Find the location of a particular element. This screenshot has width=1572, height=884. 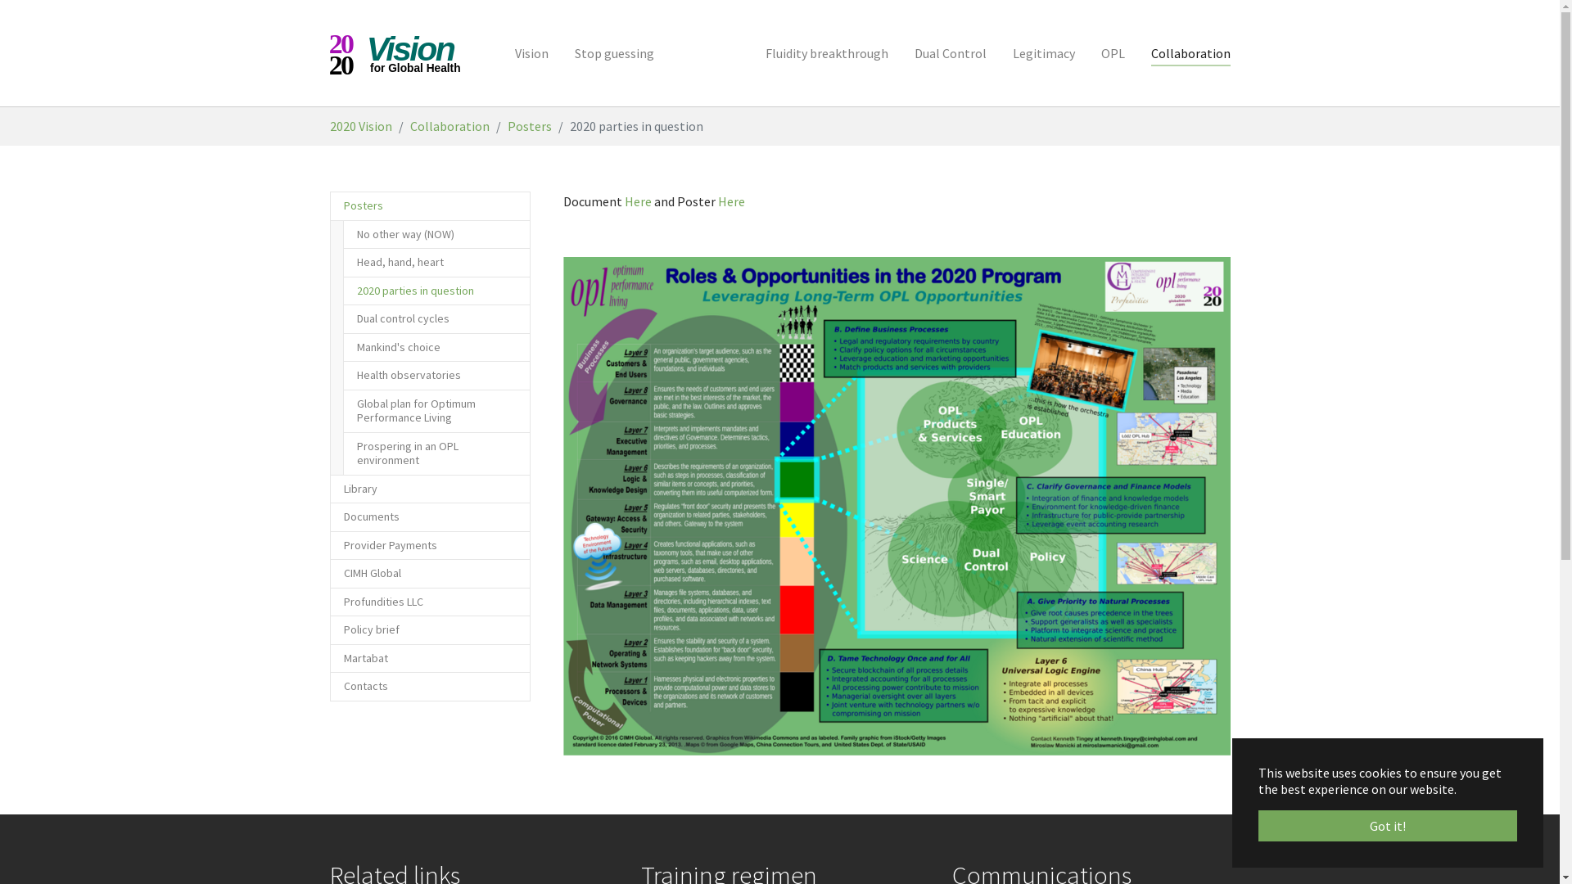

'Mankind's choice' is located at coordinates (436, 346).